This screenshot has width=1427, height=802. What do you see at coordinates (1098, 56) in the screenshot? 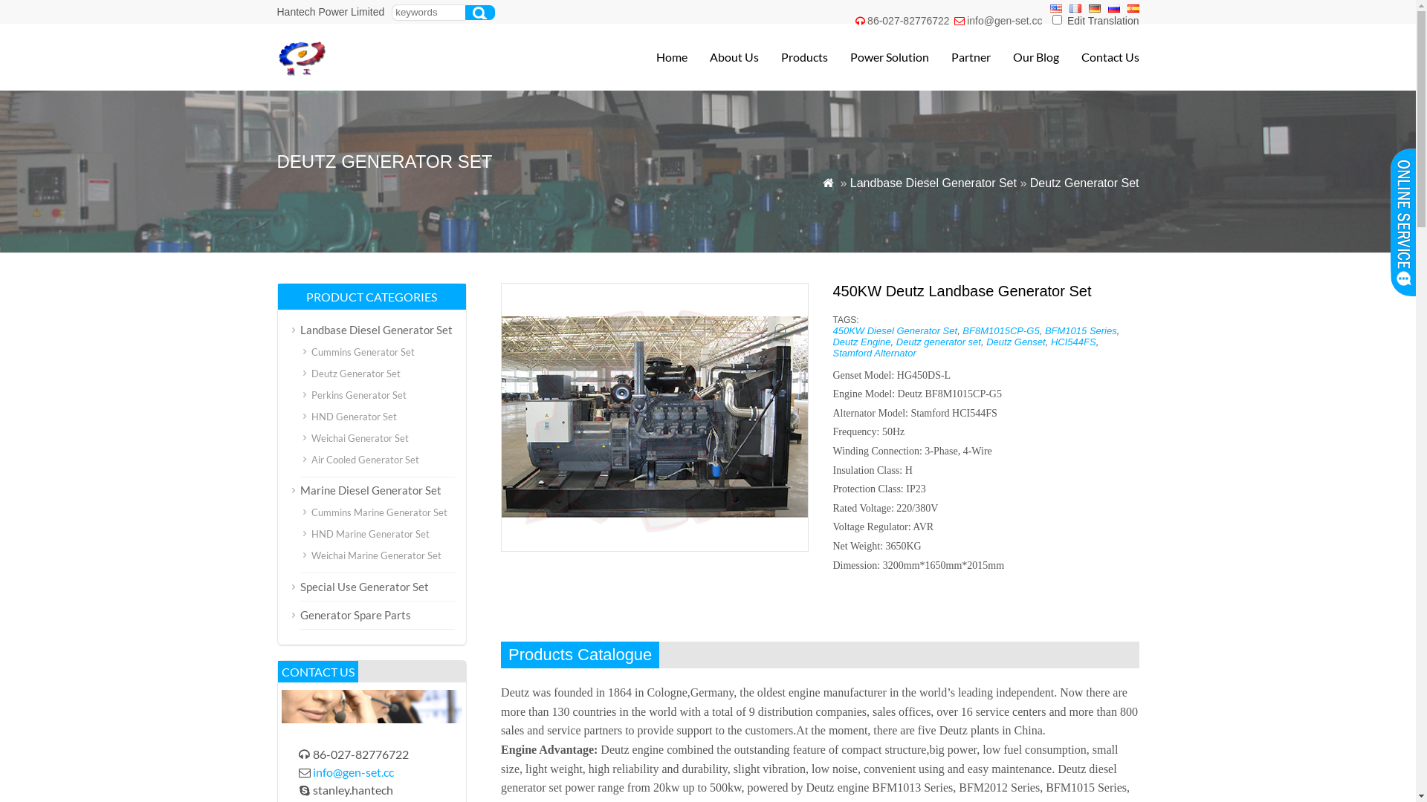
I see `'Contact Us'` at bounding box center [1098, 56].